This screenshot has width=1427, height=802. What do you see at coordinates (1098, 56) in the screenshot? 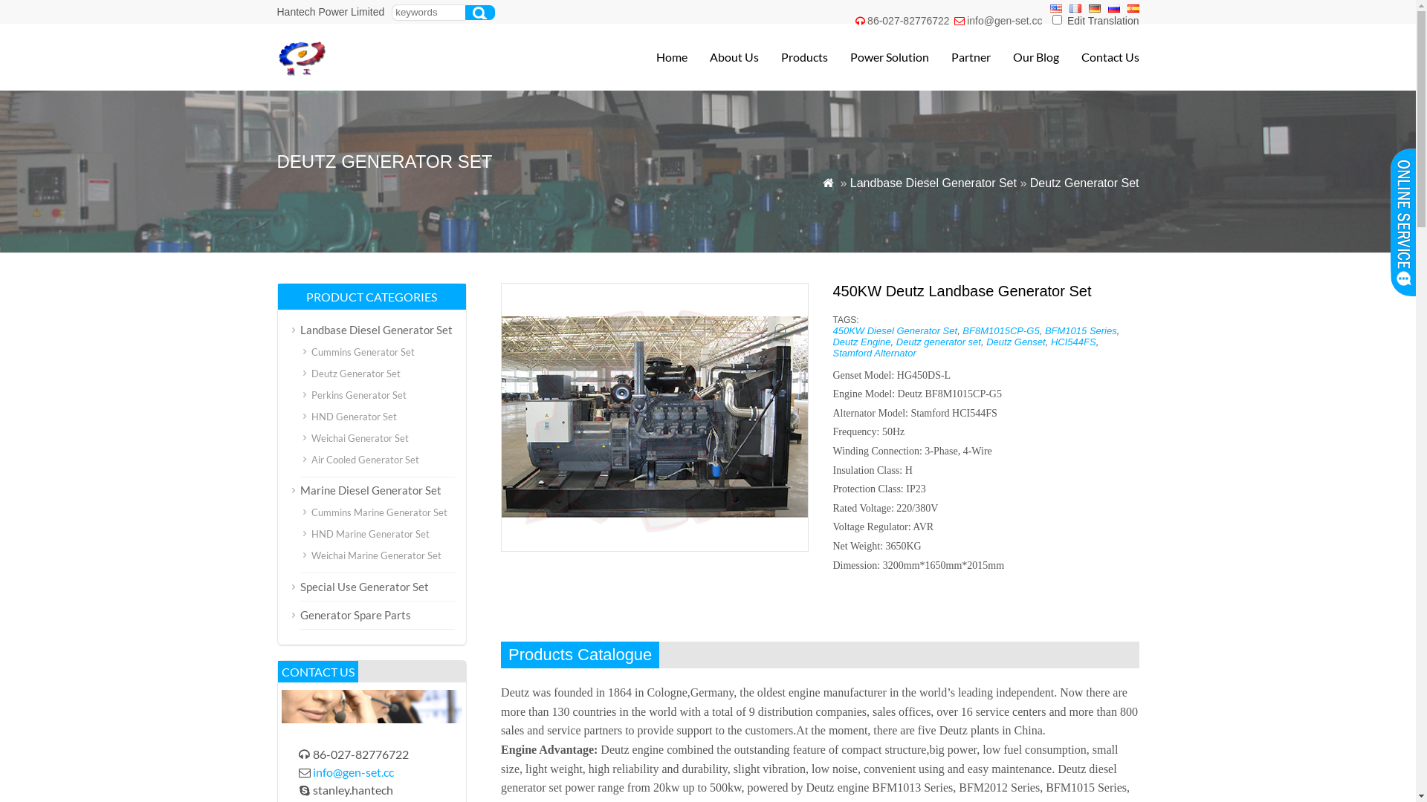
I see `'Contact Us'` at bounding box center [1098, 56].